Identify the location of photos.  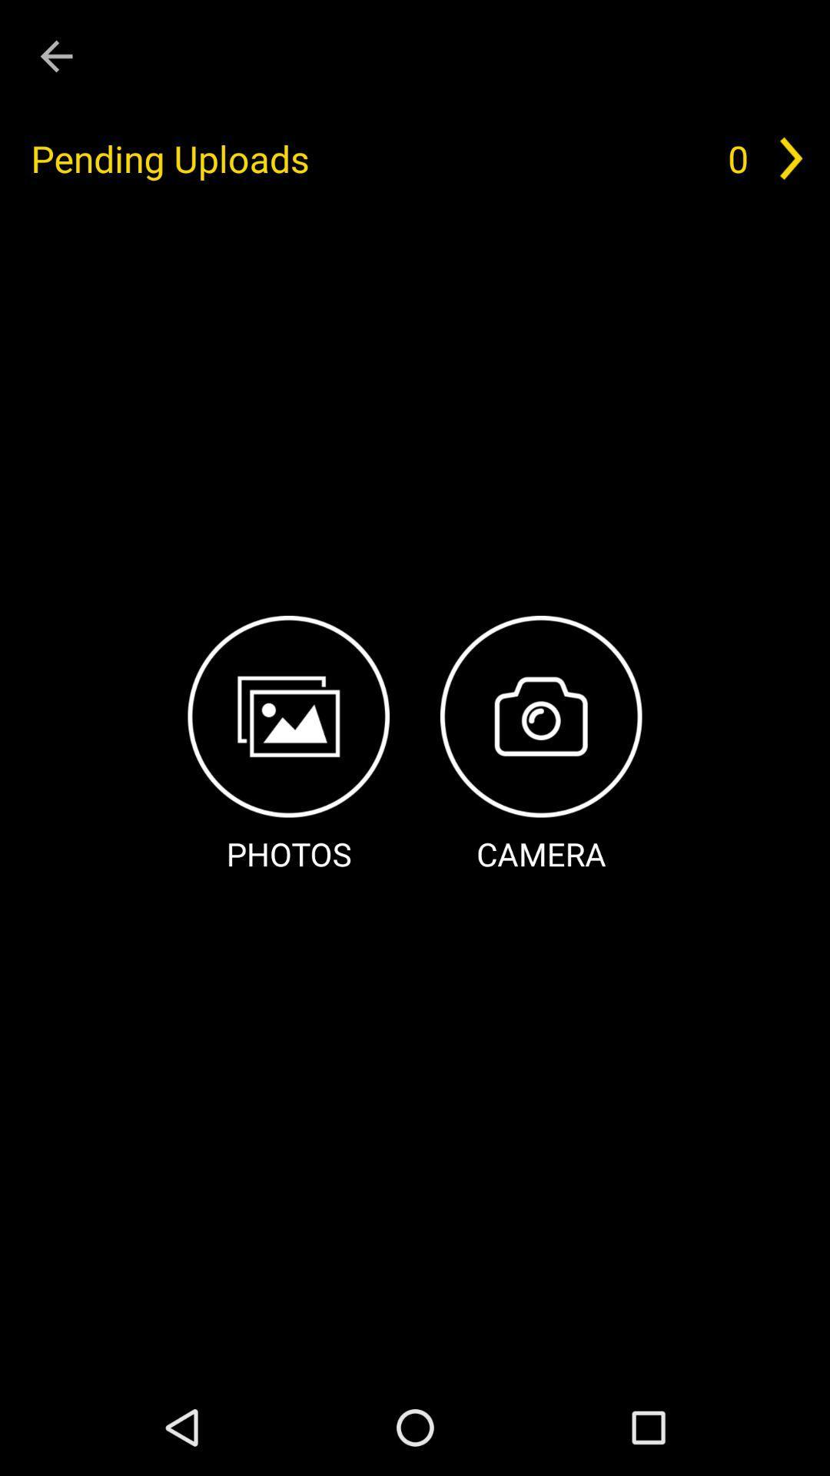
(288, 746).